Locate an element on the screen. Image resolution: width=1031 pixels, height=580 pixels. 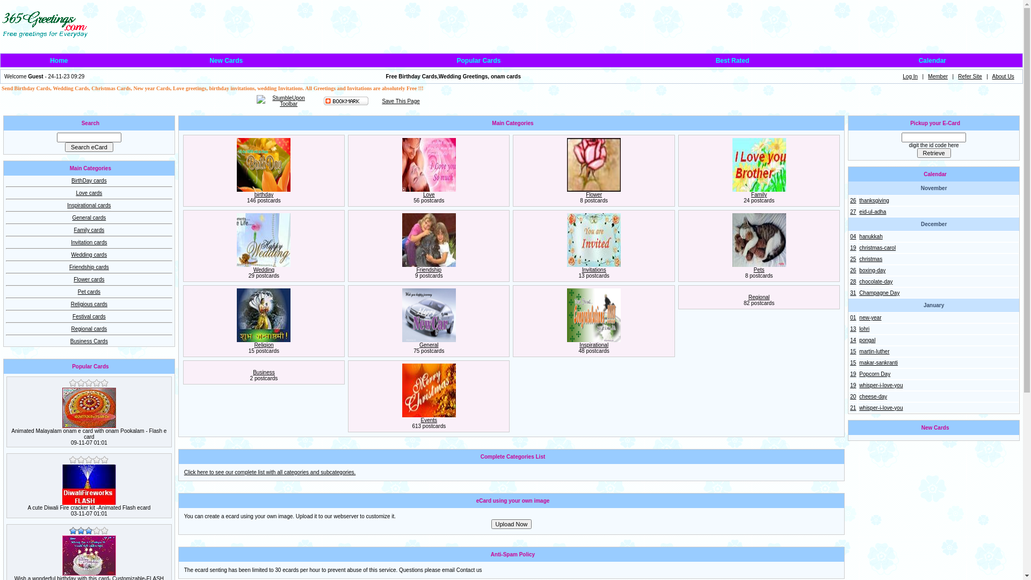
'19' is located at coordinates (850, 248).